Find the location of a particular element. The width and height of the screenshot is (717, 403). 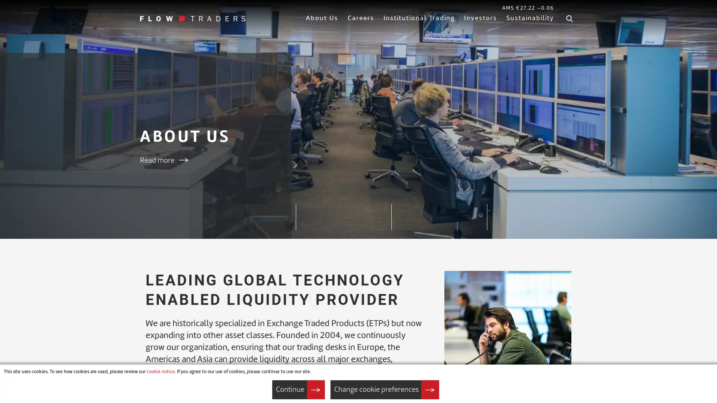

Continue is located at coordinates (298, 389).